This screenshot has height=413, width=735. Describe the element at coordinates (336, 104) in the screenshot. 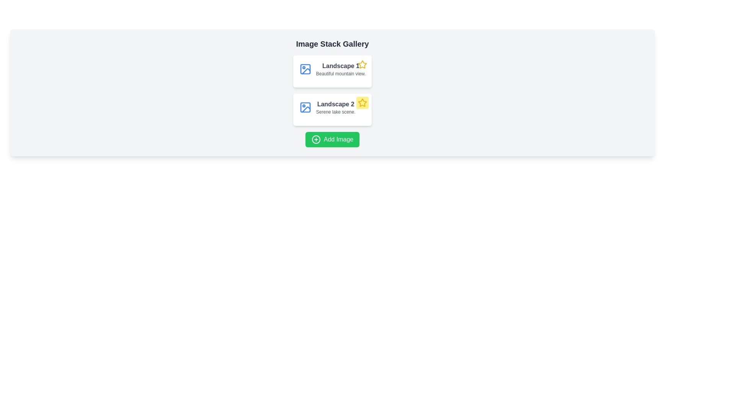

I see `the text label that reads 'Landscape 2', which is styled in a medium-sized, bold typeface and colored dark gray, positioned above the descriptive text 'Serene lake scene'` at that location.